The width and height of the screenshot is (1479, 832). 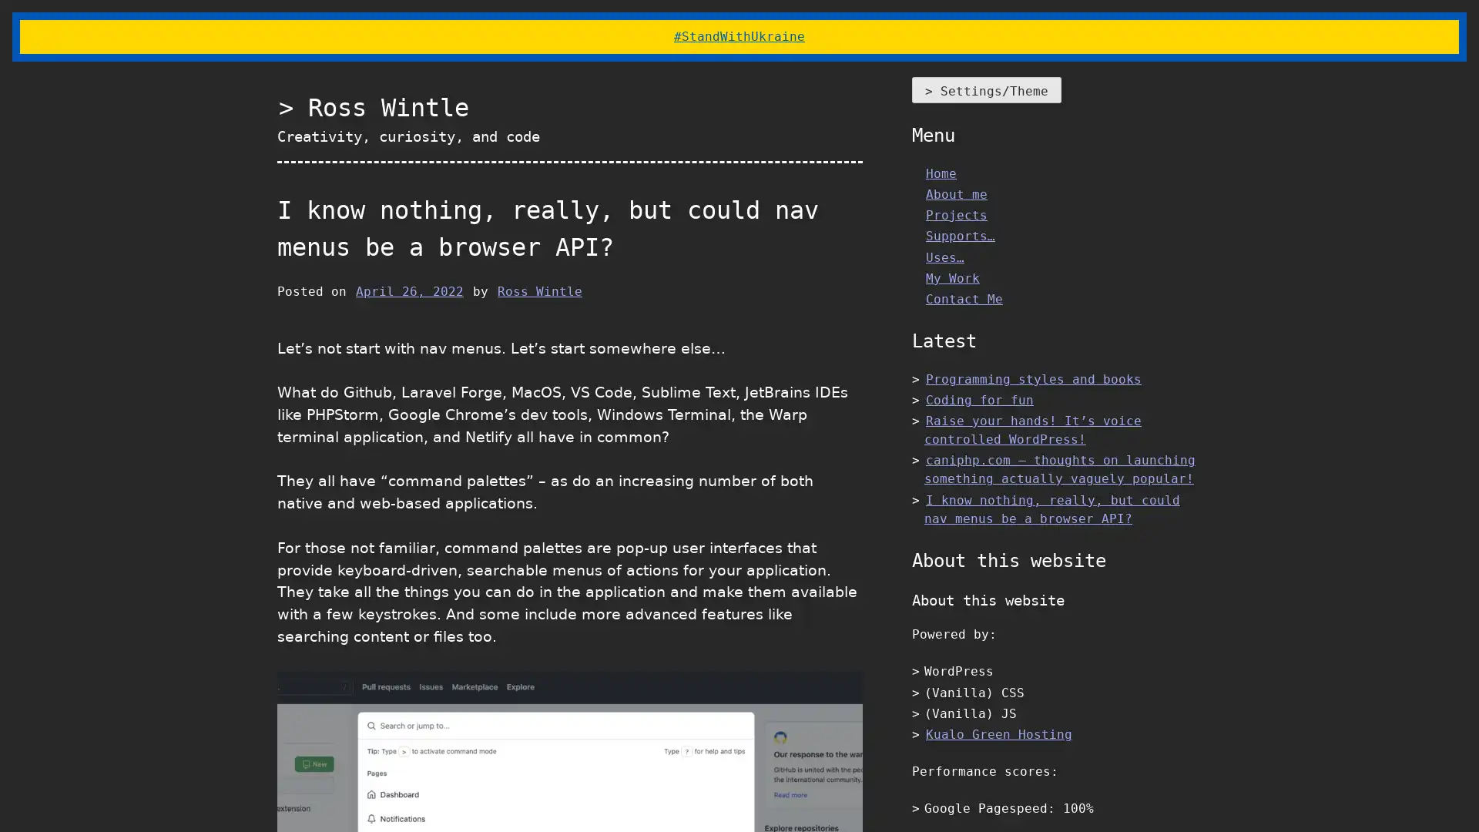 What do you see at coordinates (987, 89) in the screenshot?
I see `> Settings/Theme` at bounding box center [987, 89].